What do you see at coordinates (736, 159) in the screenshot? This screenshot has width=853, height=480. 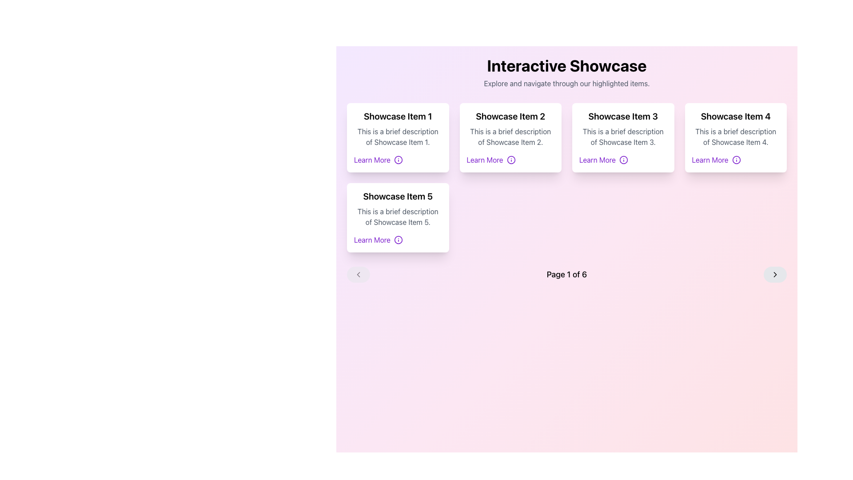 I see `the info icon SVG element located within the 'Learn More' hyperlink in the description card for 'Showcase Item 4', positioned in the fourth column of the first row of the grid` at bounding box center [736, 159].